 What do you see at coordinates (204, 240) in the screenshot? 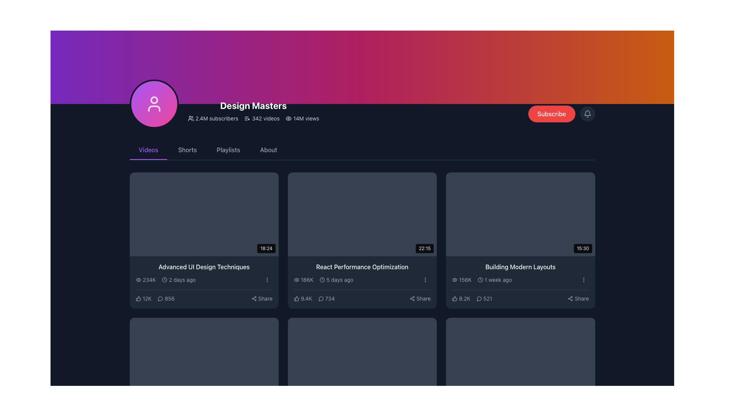
I see `the first video preview card located in the top-left corner of the grid` at bounding box center [204, 240].